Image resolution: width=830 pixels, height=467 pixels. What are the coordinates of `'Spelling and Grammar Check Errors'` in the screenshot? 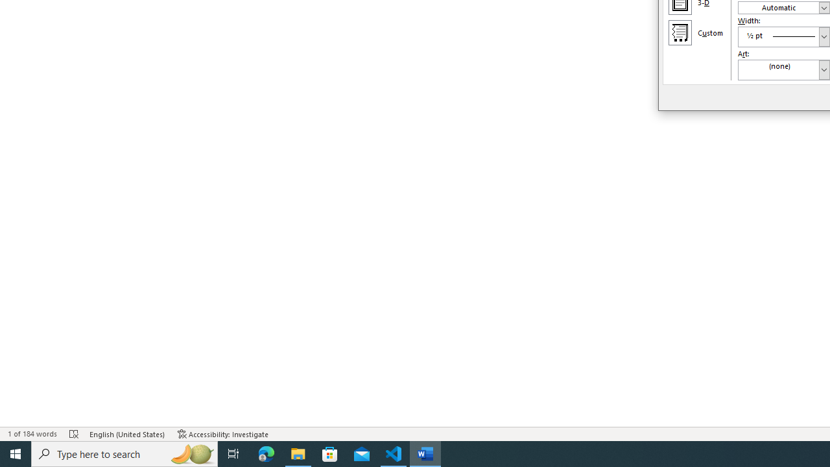 It's located at (73, 434).